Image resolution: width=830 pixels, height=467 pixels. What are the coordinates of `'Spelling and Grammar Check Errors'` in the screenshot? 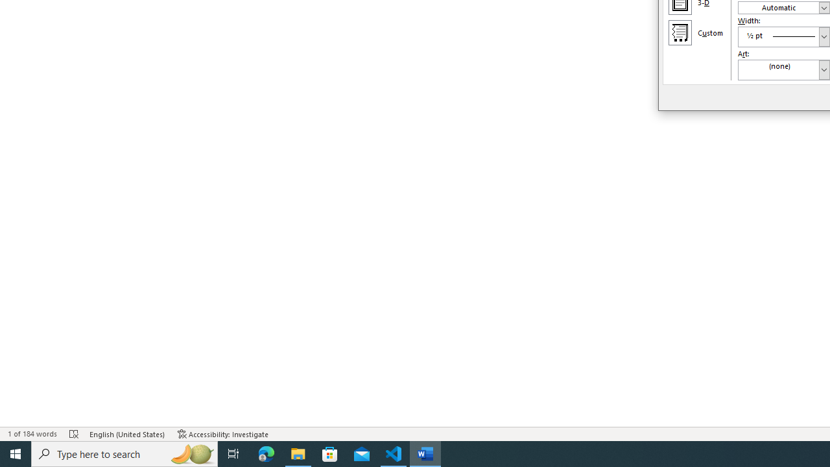 It's located at (73, 434).